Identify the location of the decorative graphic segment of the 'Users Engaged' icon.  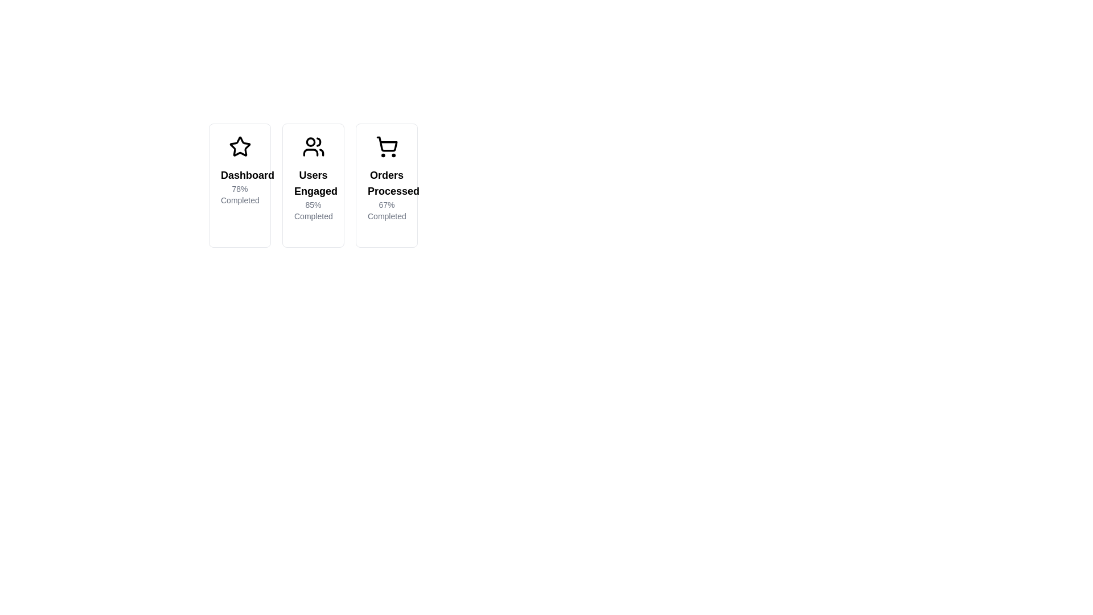
(310, 141).